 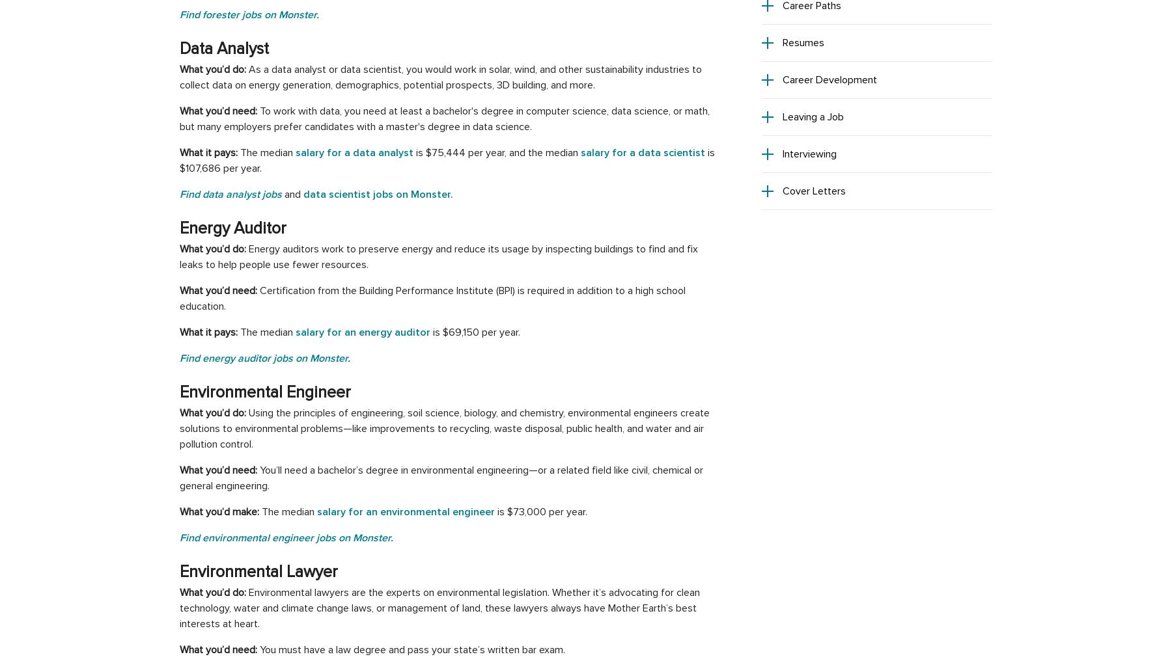 I want to click on 'Environmental Lawyer', so click(x=258, y=572).